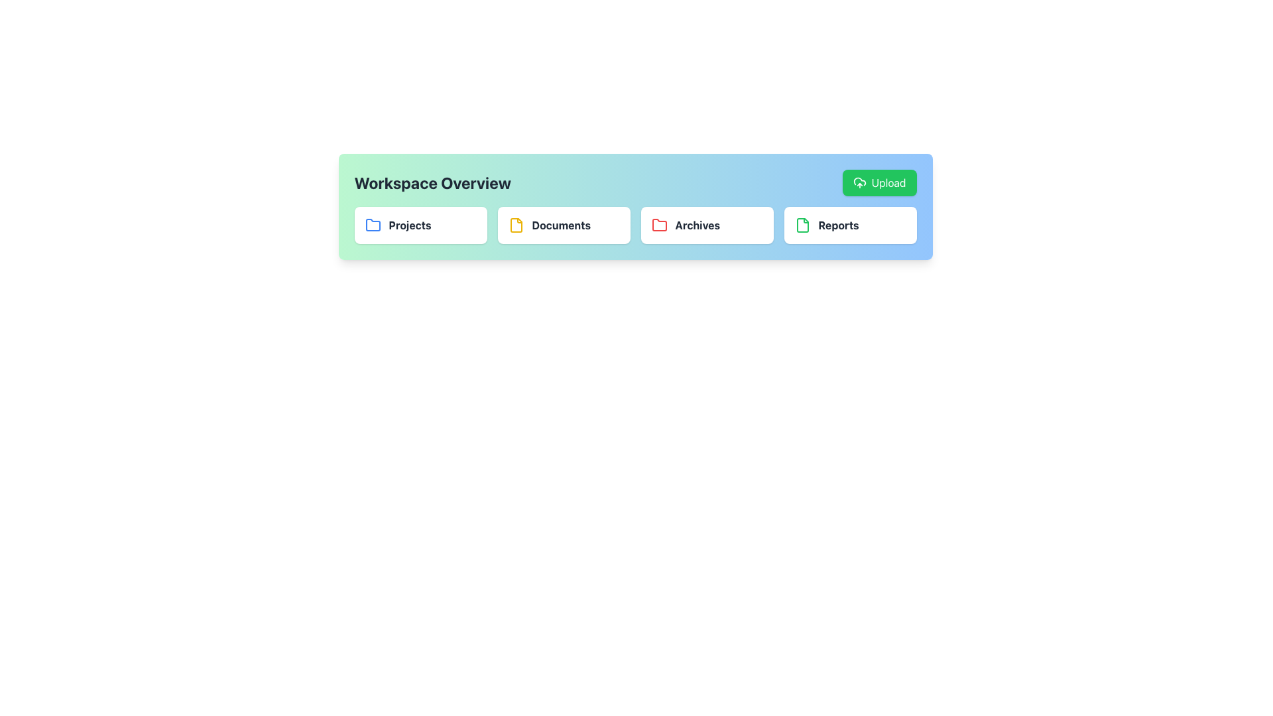  Describe the element at coordinates (561, 224) in the screenshot. I see `the 'Documents' label that indicates the section within the interface, located to the right of a yellow folder icon` at that location.